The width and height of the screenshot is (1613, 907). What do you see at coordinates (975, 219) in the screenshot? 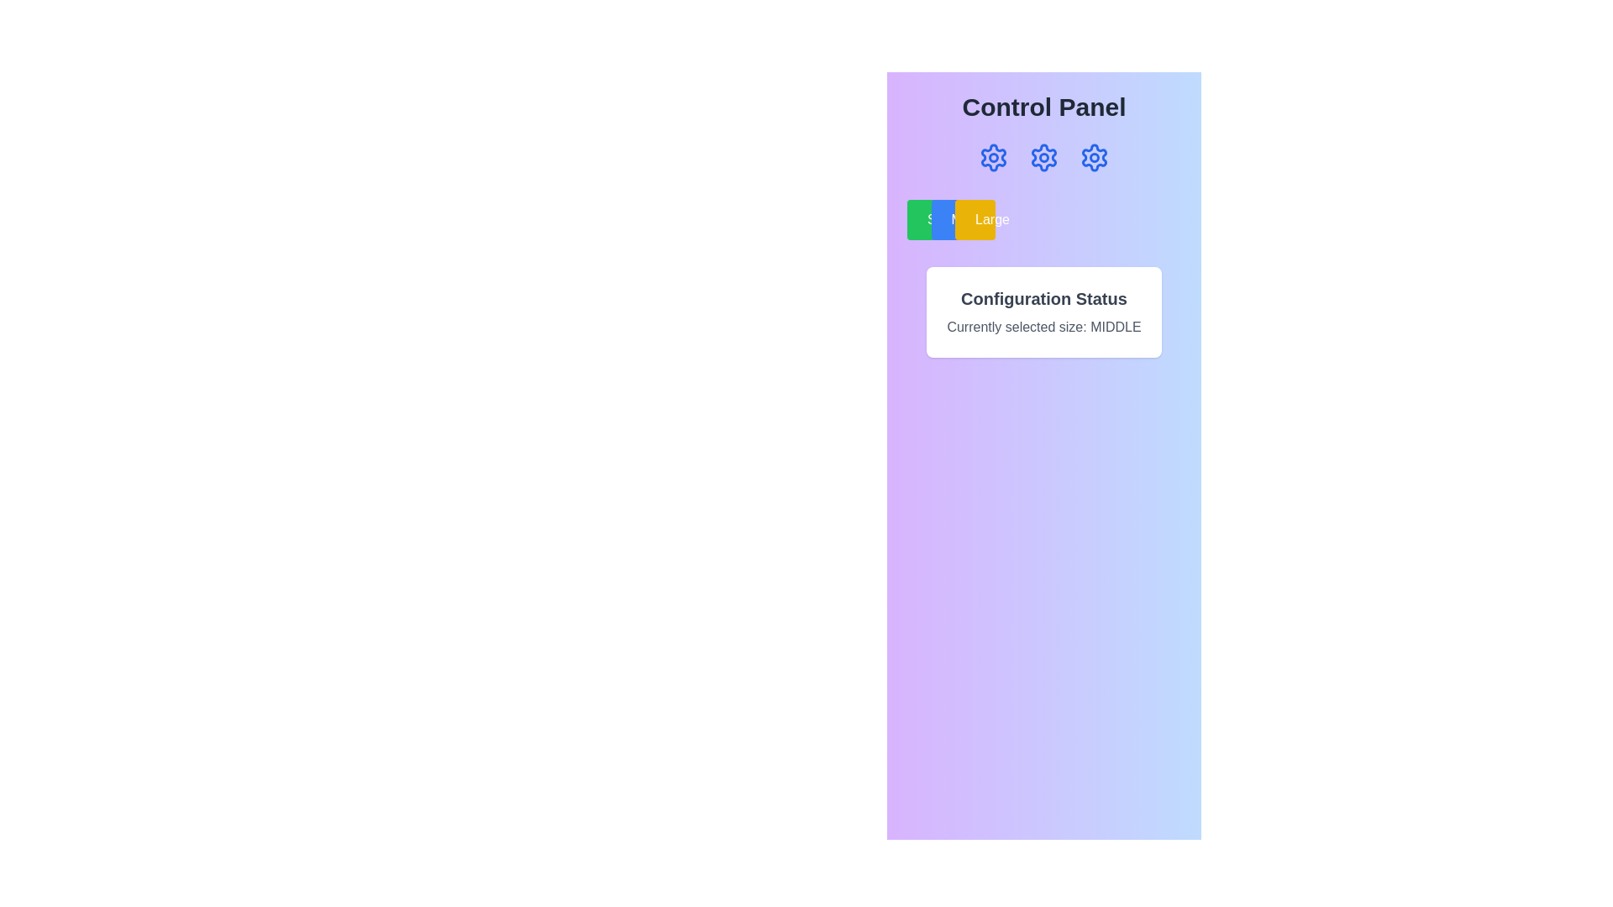
I see `the 'Large' button located in the top-right quadrant under the 'Control Panel' header` at bounding box center [975, 219].